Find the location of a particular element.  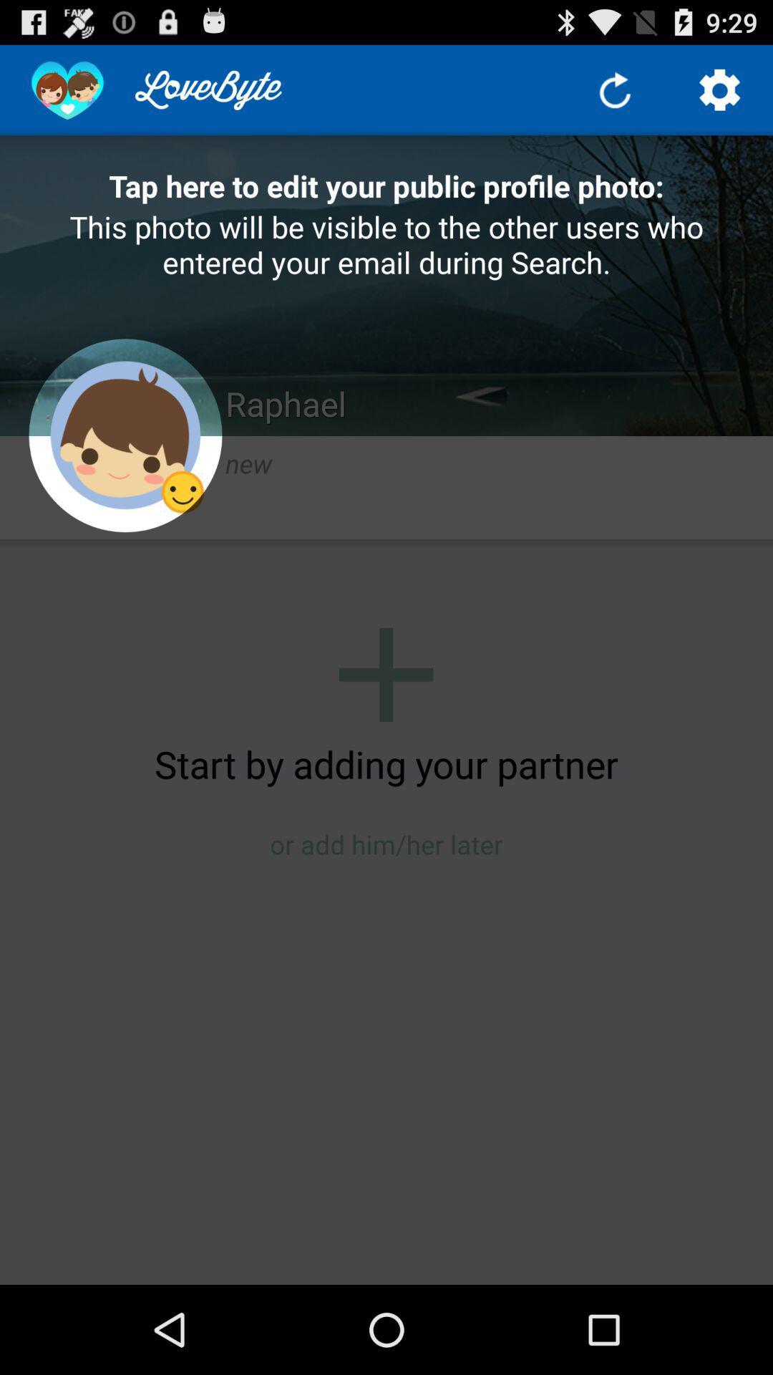

the start by adding app is located at coordinates (386, 763).